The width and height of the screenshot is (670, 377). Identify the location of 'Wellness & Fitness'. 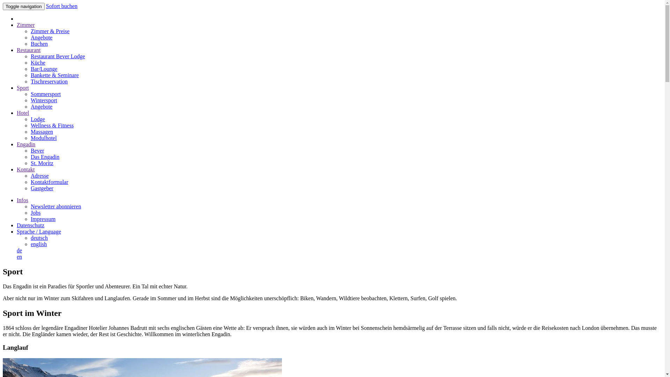
(30, 125).